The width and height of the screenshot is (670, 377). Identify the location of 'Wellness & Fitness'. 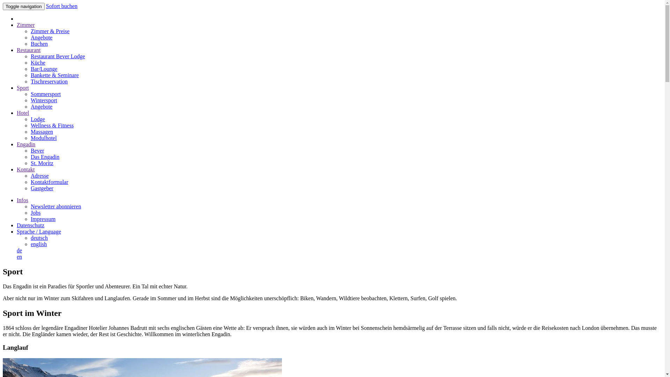
(30, 125).